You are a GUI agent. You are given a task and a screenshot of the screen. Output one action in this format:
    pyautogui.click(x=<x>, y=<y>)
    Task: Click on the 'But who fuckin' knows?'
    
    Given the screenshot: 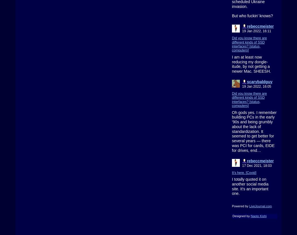 What is the action you would take?
    pyautogui.click(x=252, y=16)
    